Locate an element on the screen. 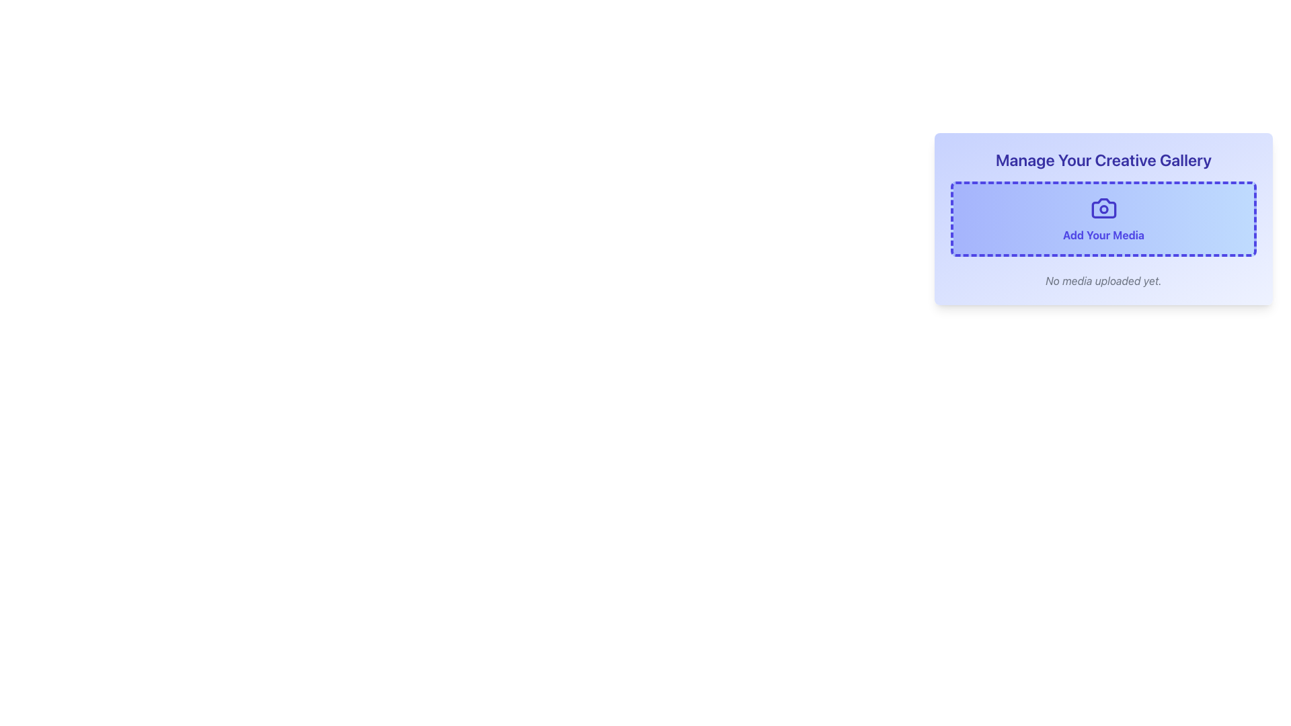 The image size is (1291, 726). the concentric circle inside the camera-shaped icon in the 'Manage Your Creative Gallery' section is located at coordinates (1103, 209).